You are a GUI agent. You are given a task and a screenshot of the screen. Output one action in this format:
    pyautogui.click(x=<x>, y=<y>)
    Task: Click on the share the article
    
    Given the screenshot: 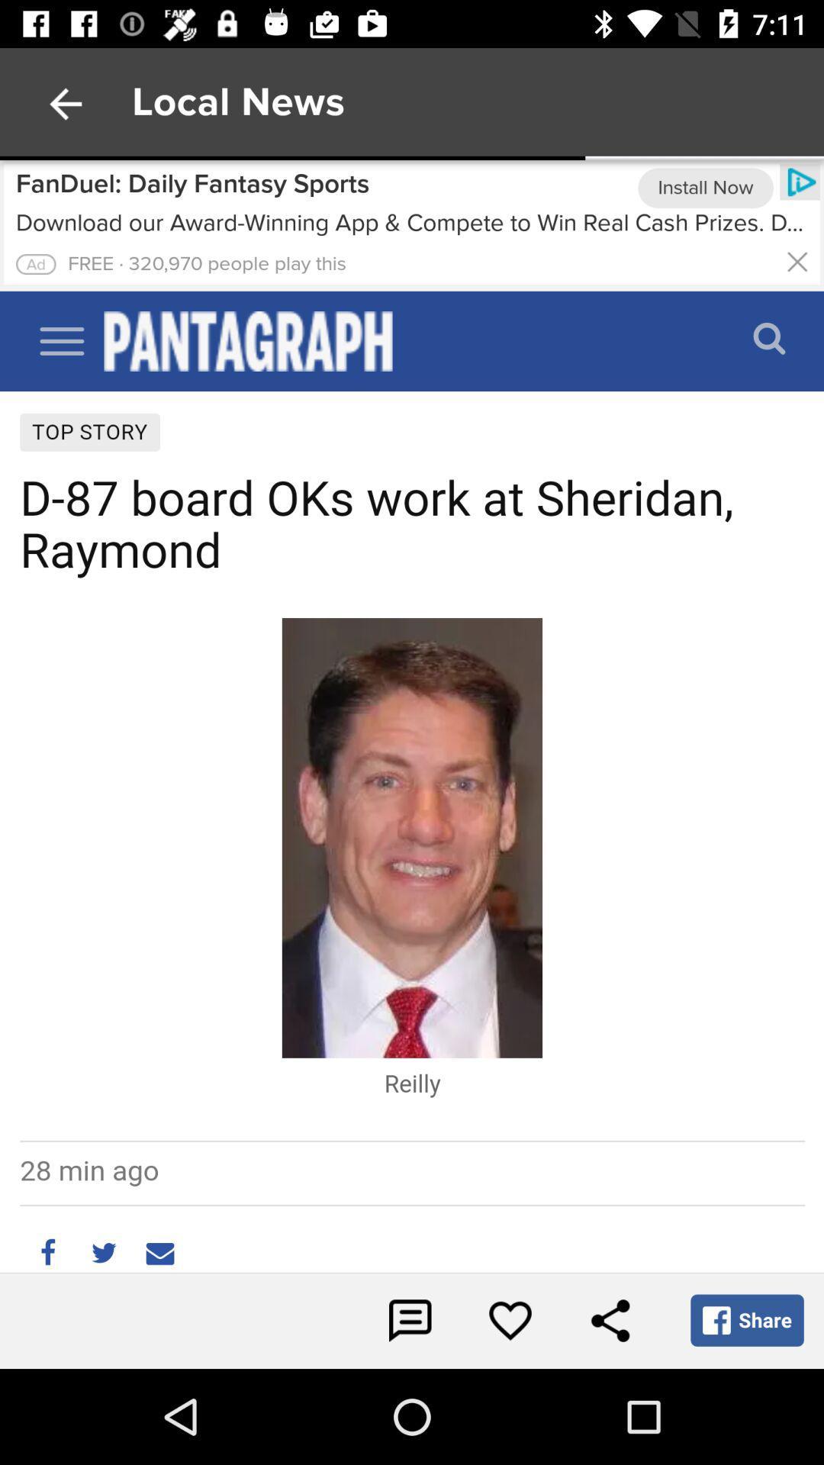 What is the action you would take?
    pyautogui.click(x=609, y=1320)
    